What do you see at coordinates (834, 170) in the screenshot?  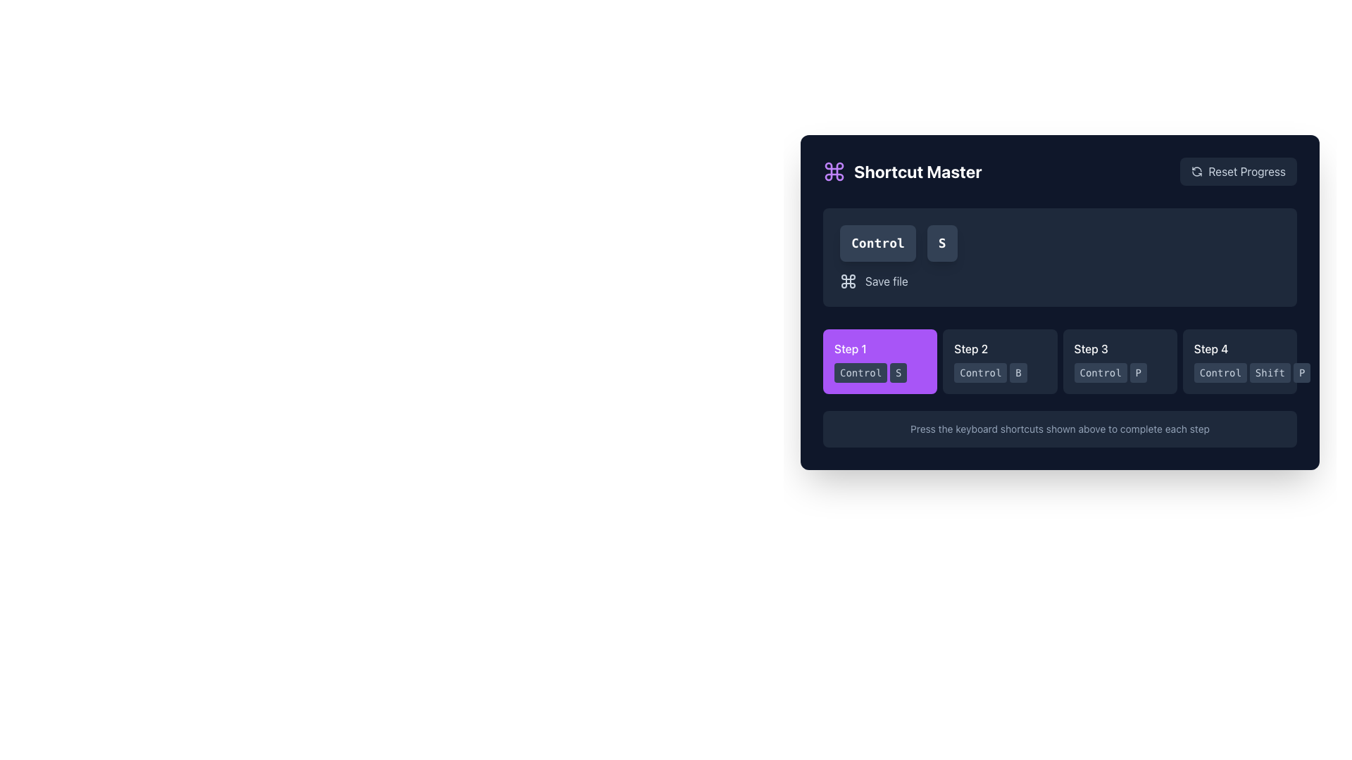 I see `the purple four-leaf clover icon located in the header, adjacent to the text 'Shortcut Master.'` at bounding box center [834, 170].